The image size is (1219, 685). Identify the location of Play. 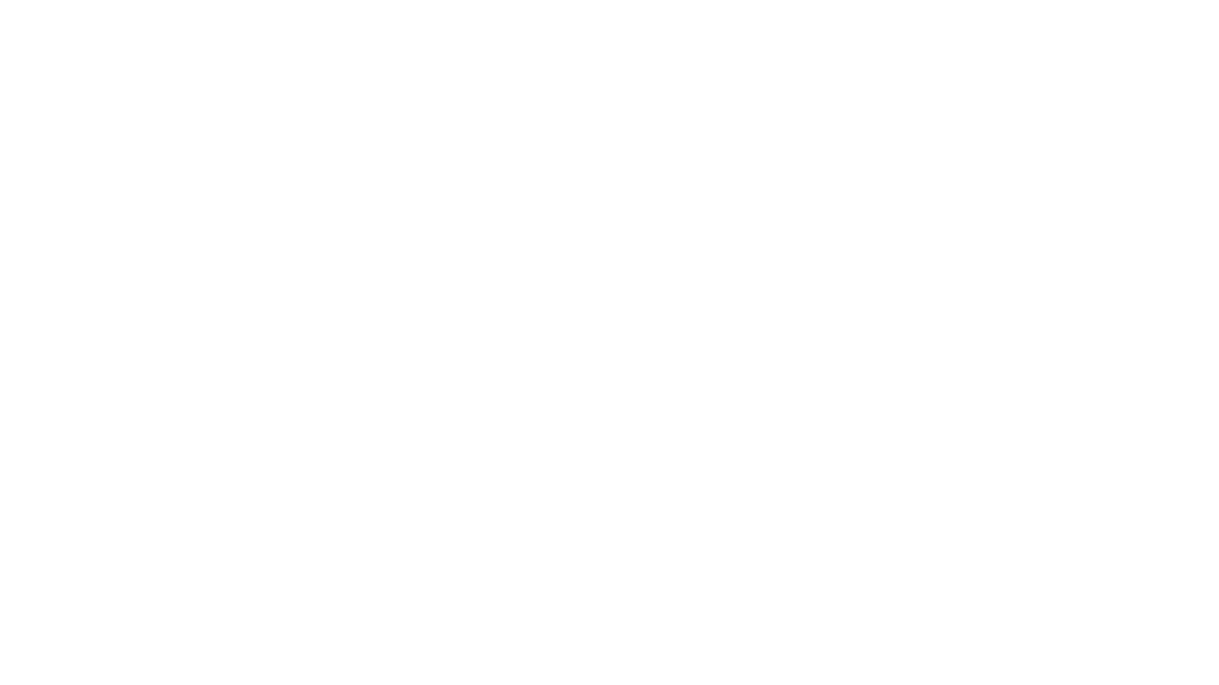
(169, 478).